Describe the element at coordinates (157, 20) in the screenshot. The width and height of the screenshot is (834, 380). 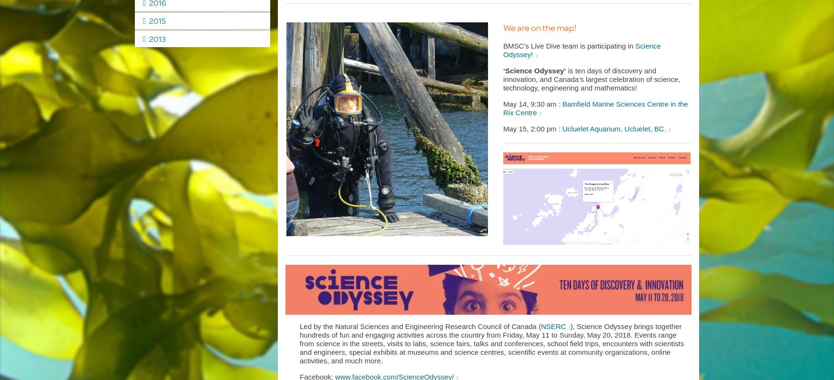
I see `'2015'` at that location.